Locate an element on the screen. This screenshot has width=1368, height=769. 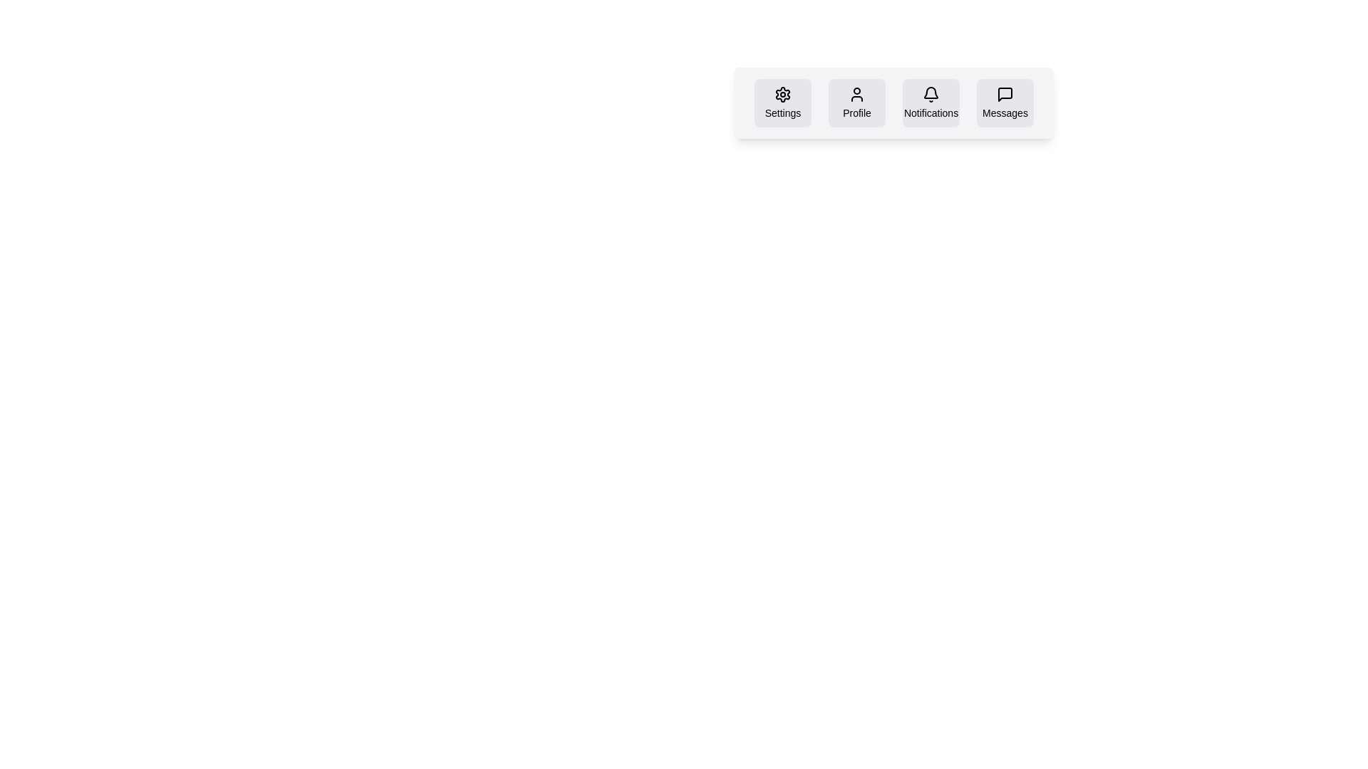
the 'Messages' text label located at the bottom of the fifth button in the horizontal navigation bar at the top-right corner of the interface is located at coordinates (1005, 112).